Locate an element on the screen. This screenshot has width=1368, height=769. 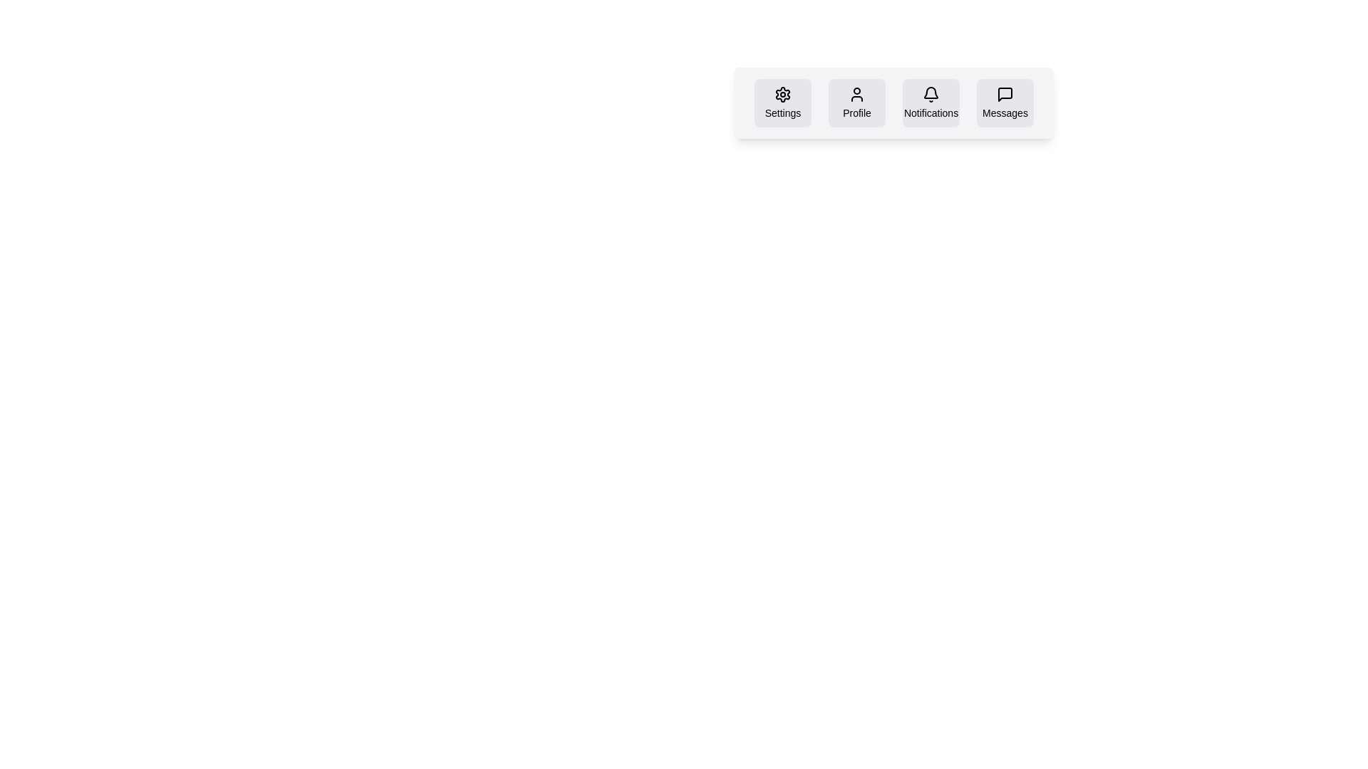
the 'Messages' text label located at the bottom of the fifth button in the horizontal navigation bar at the top-right corner of the interface is located at coordinates (1005, 112).